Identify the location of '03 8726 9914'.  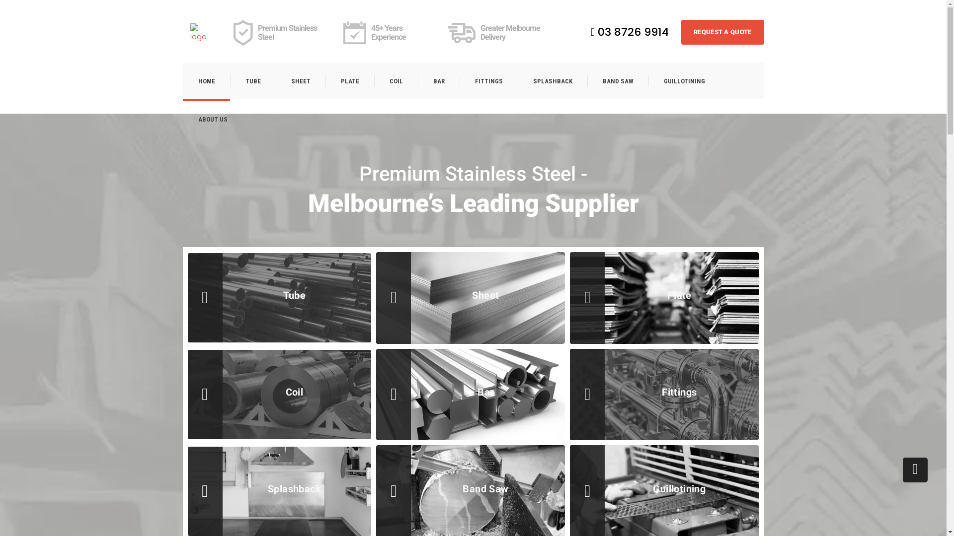
(629, 31).